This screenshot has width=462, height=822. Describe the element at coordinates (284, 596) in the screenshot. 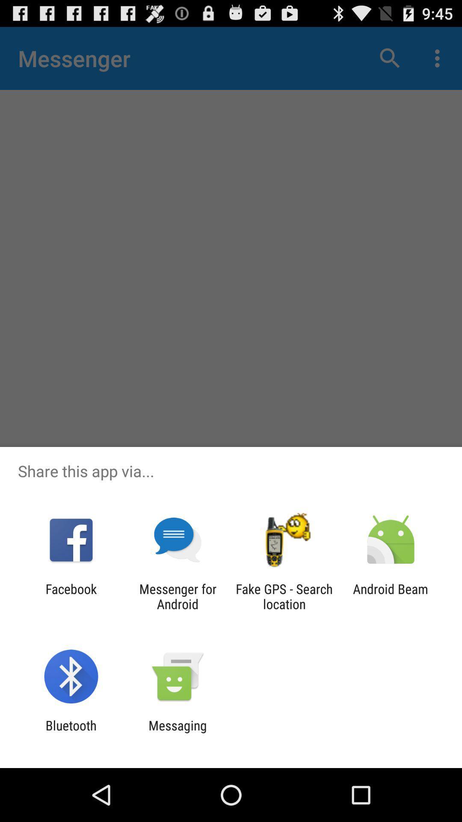

I see `the fake gps search app` at that location.